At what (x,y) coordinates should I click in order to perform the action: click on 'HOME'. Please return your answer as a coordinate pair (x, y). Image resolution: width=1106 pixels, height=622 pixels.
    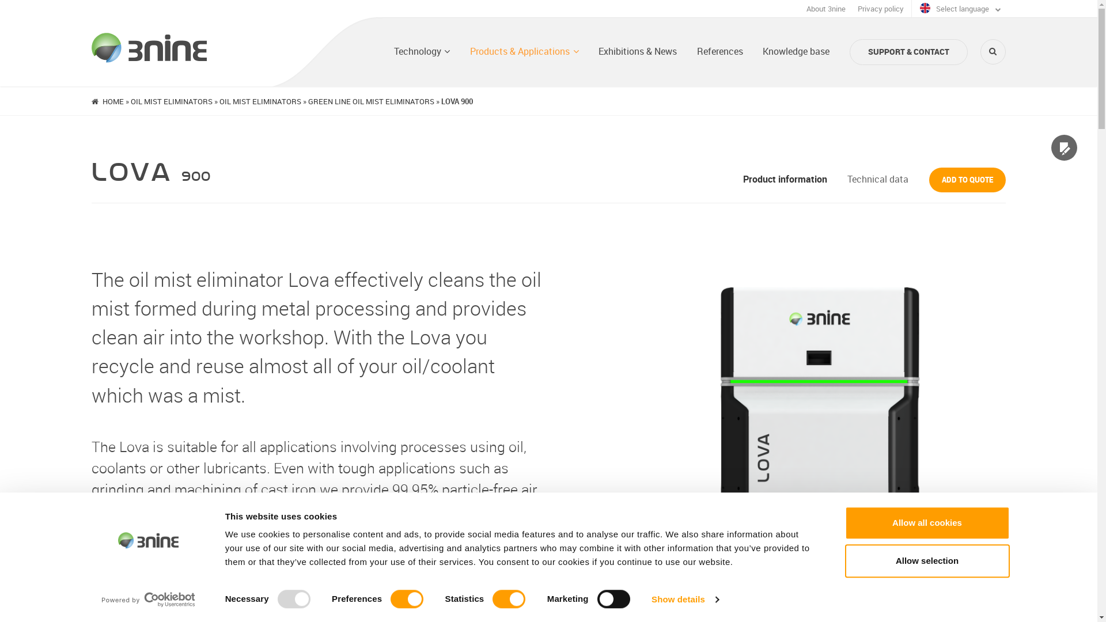
    Looking at the image, I should click on (102, 100).